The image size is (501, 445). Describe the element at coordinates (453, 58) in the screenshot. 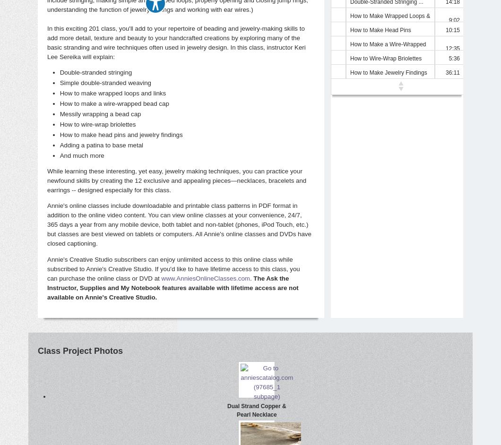

I see `'5:36'` at that location.